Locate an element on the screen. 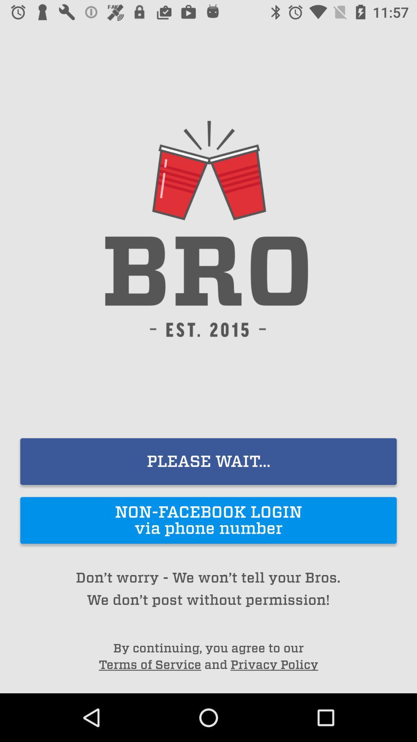 The height and width of the screenshot is (742, 417). the item below by continuing you item is located at coordinates (150, 664).